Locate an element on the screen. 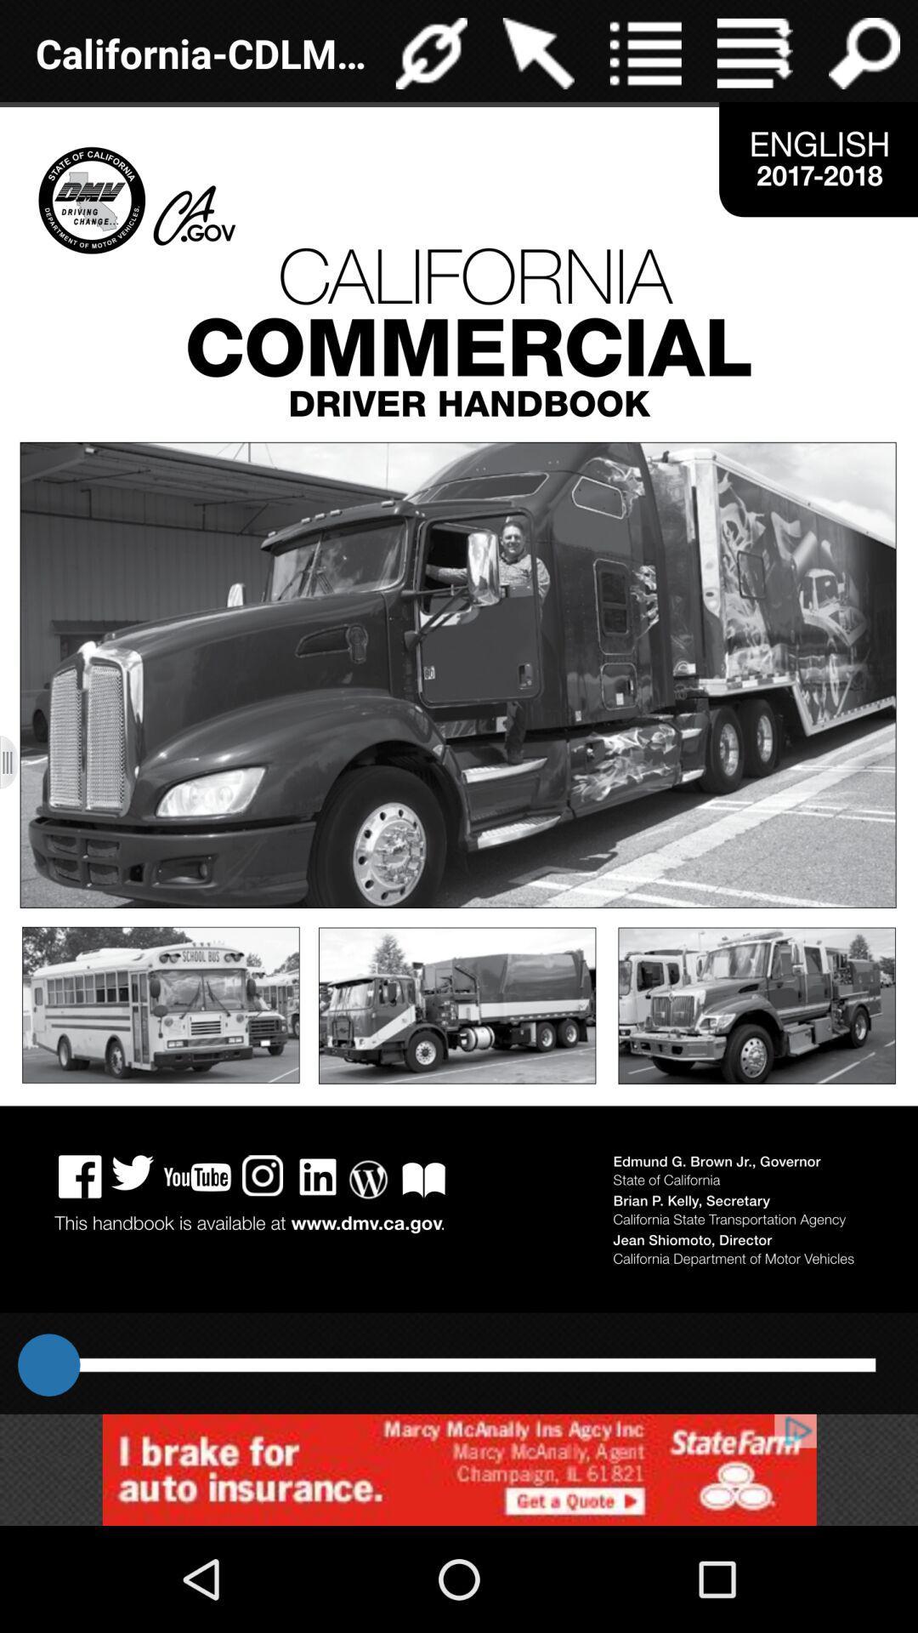 The image size is (918, 1633). the search icon is located at coordinates (864, 57).